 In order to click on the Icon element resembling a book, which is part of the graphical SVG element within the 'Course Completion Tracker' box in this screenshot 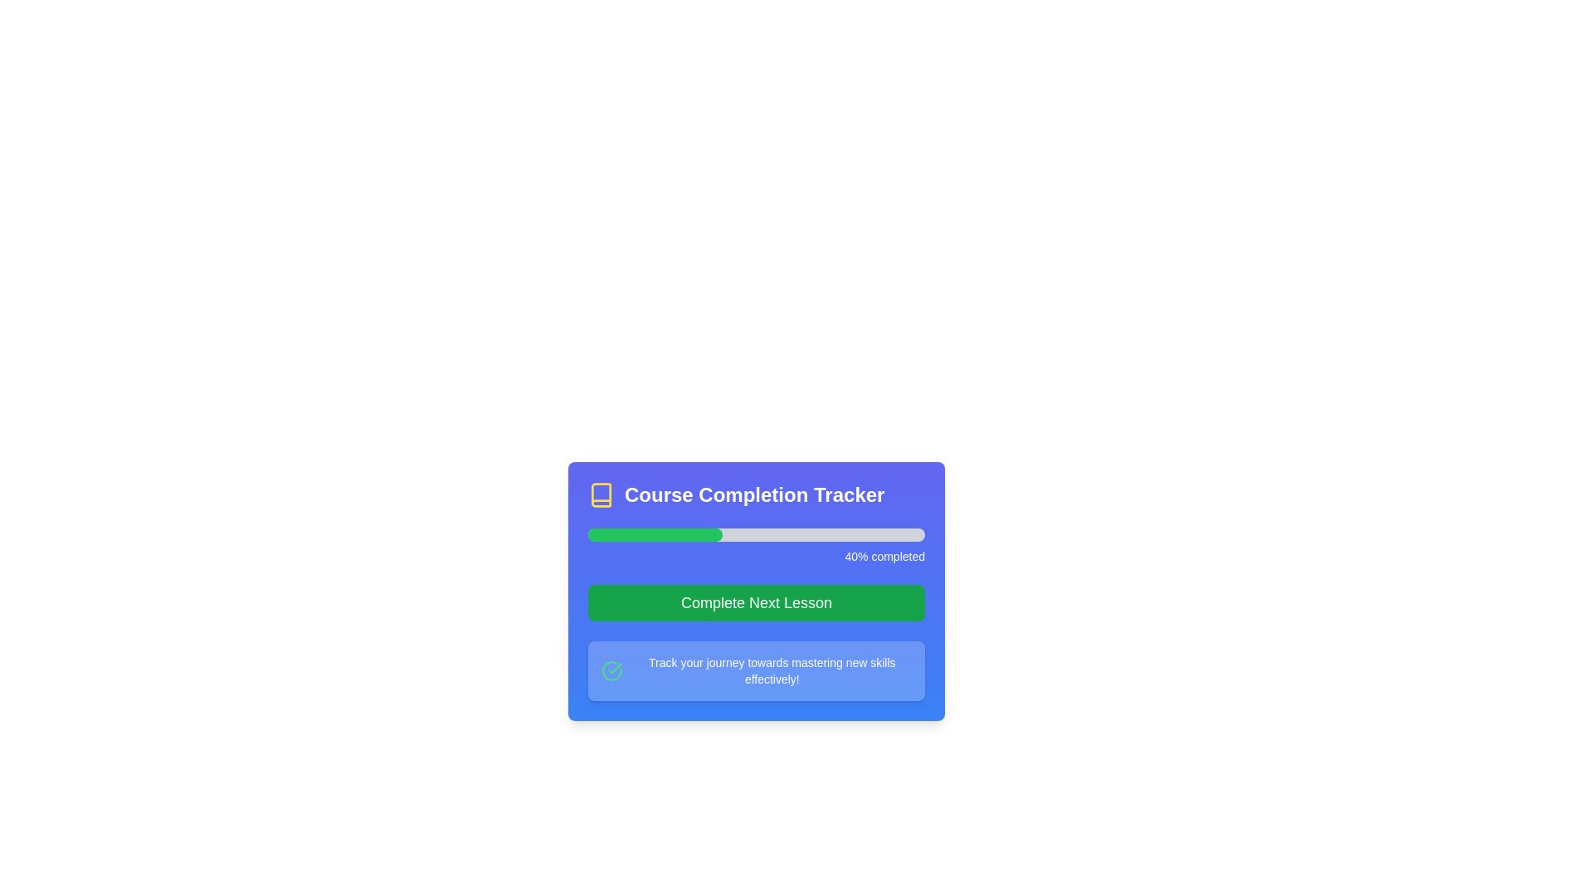, I will do `click(600, 494)`.